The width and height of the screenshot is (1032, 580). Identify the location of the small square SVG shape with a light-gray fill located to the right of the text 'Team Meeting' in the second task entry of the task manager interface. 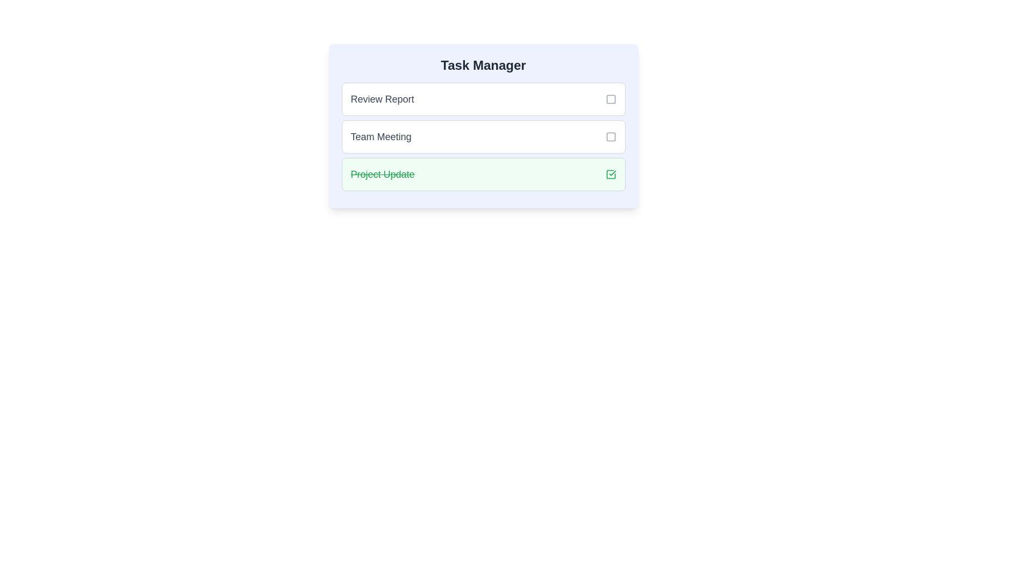
(611, 136).